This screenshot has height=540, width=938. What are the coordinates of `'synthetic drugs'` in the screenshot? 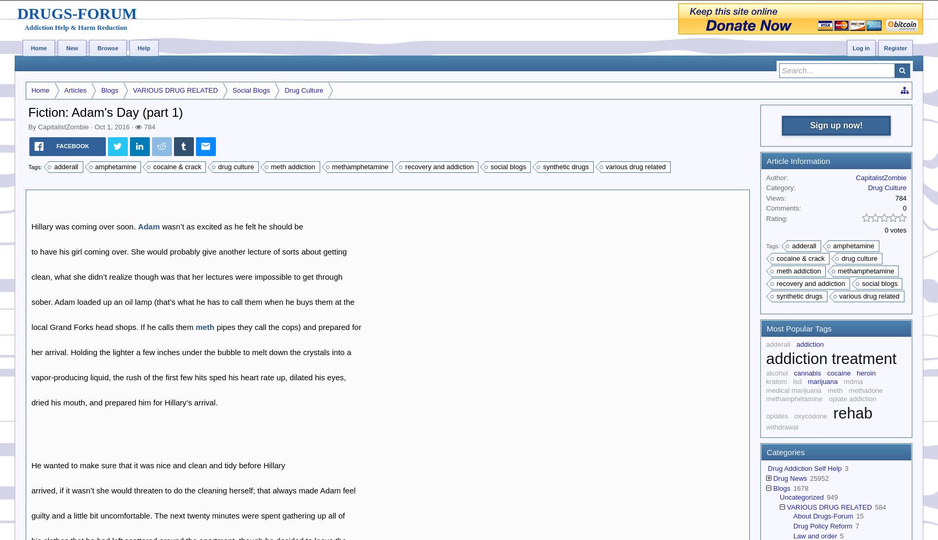 It's located at (565, 166).